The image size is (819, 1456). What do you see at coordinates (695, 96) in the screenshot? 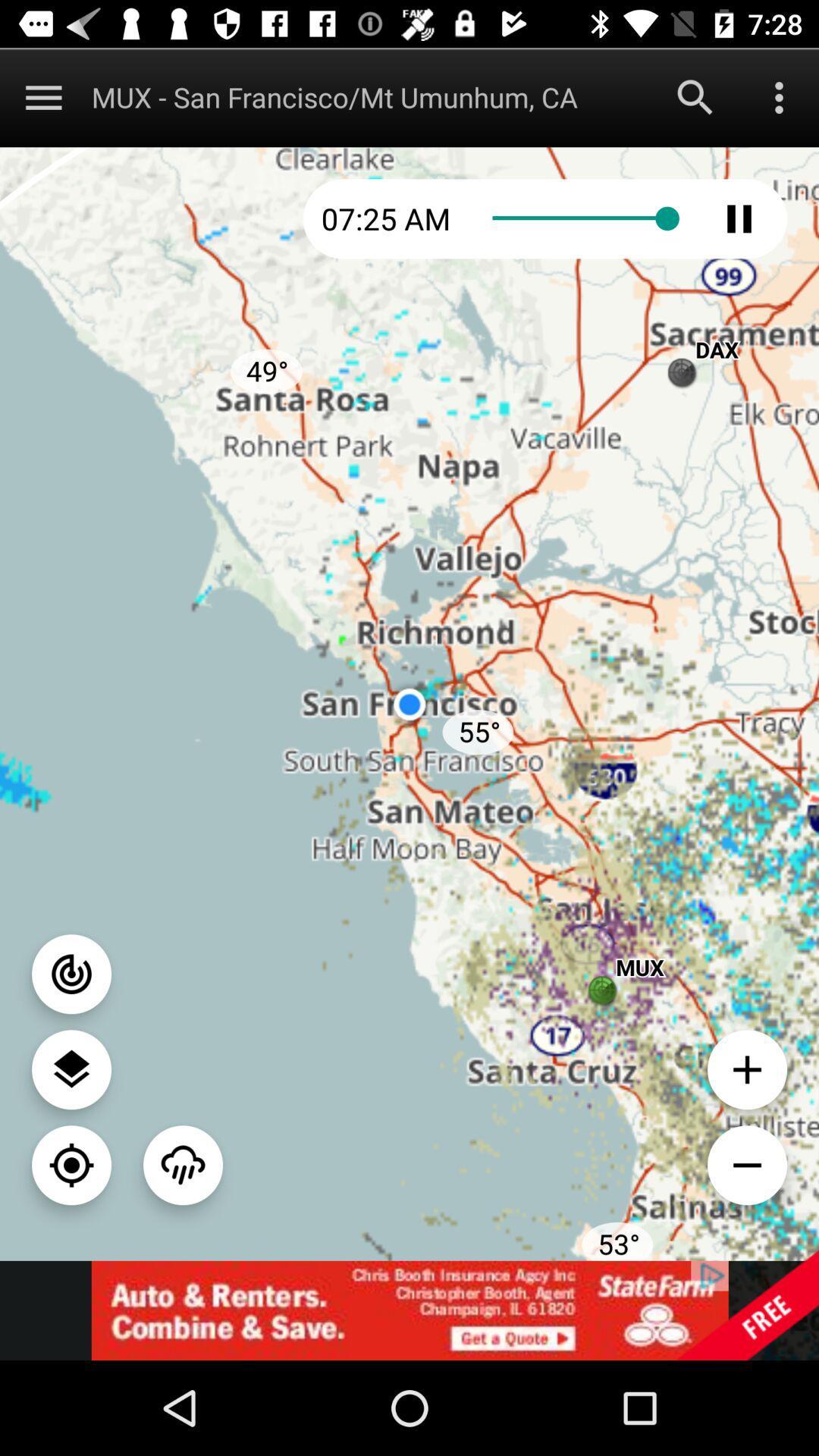
I see `execute search` at bounding box center [695, 96].